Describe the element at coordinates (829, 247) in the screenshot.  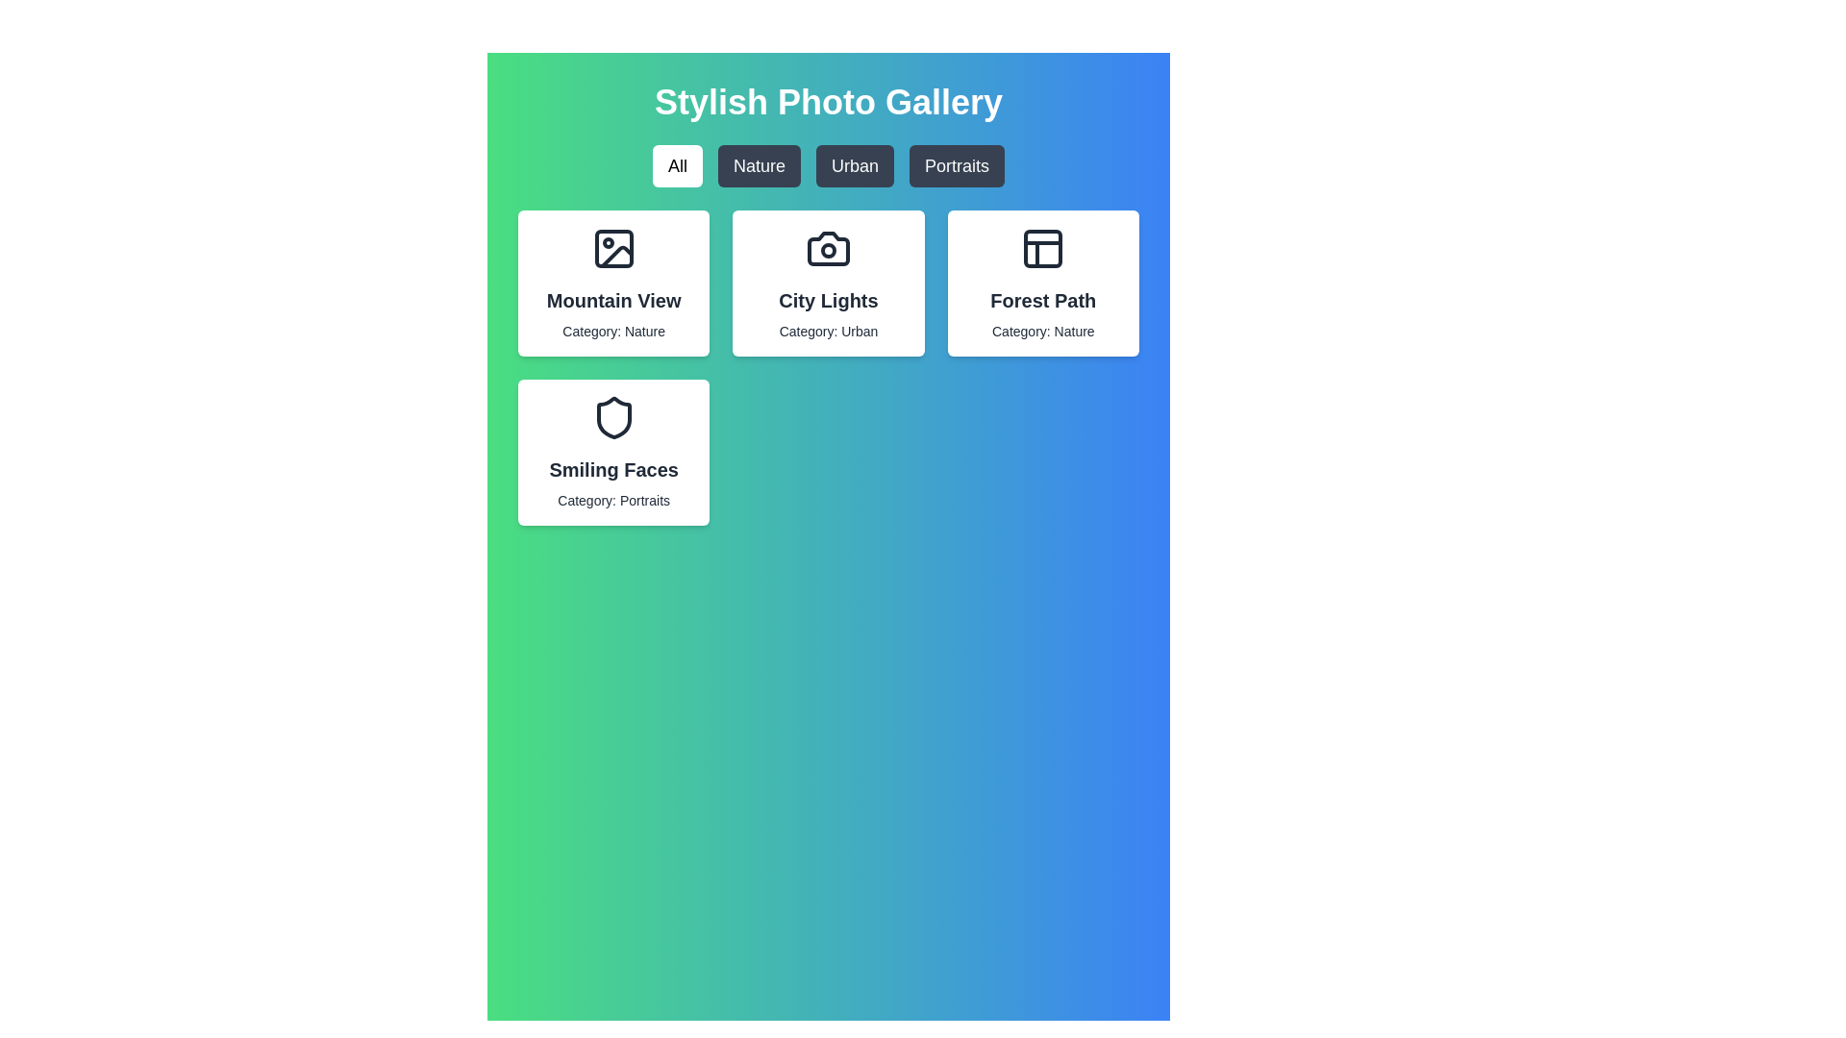
I see `the camera icon located at the top-center of the 'City Lights' card, which represents the category related to photography or visual content` at that location.